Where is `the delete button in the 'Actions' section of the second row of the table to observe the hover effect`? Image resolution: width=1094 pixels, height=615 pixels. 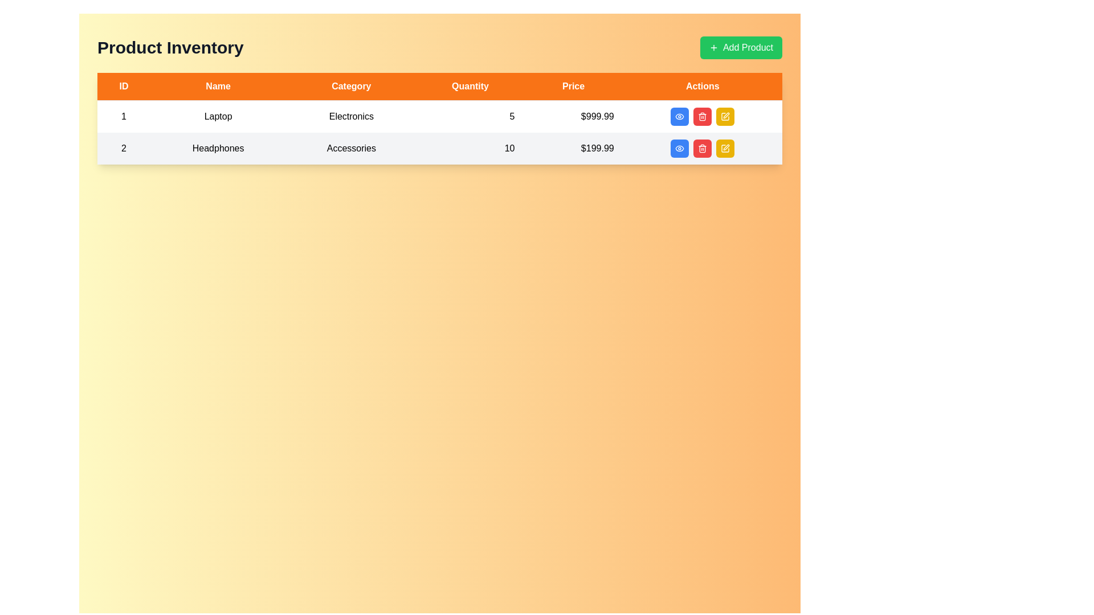
the delete button in the 'Actions' section of the second row of the table to observe the hover effect is located at coordinates (702, 116).